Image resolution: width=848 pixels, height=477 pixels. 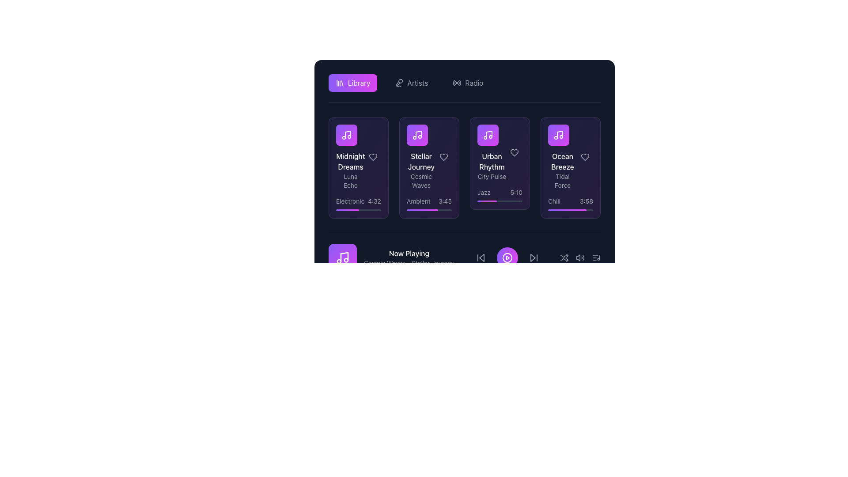 I want to click on the Progress bar located at the bottom of the fourth card in the horizontal sequence, which represents progress or a measure related to the card's content, so click(x=567, y=210).